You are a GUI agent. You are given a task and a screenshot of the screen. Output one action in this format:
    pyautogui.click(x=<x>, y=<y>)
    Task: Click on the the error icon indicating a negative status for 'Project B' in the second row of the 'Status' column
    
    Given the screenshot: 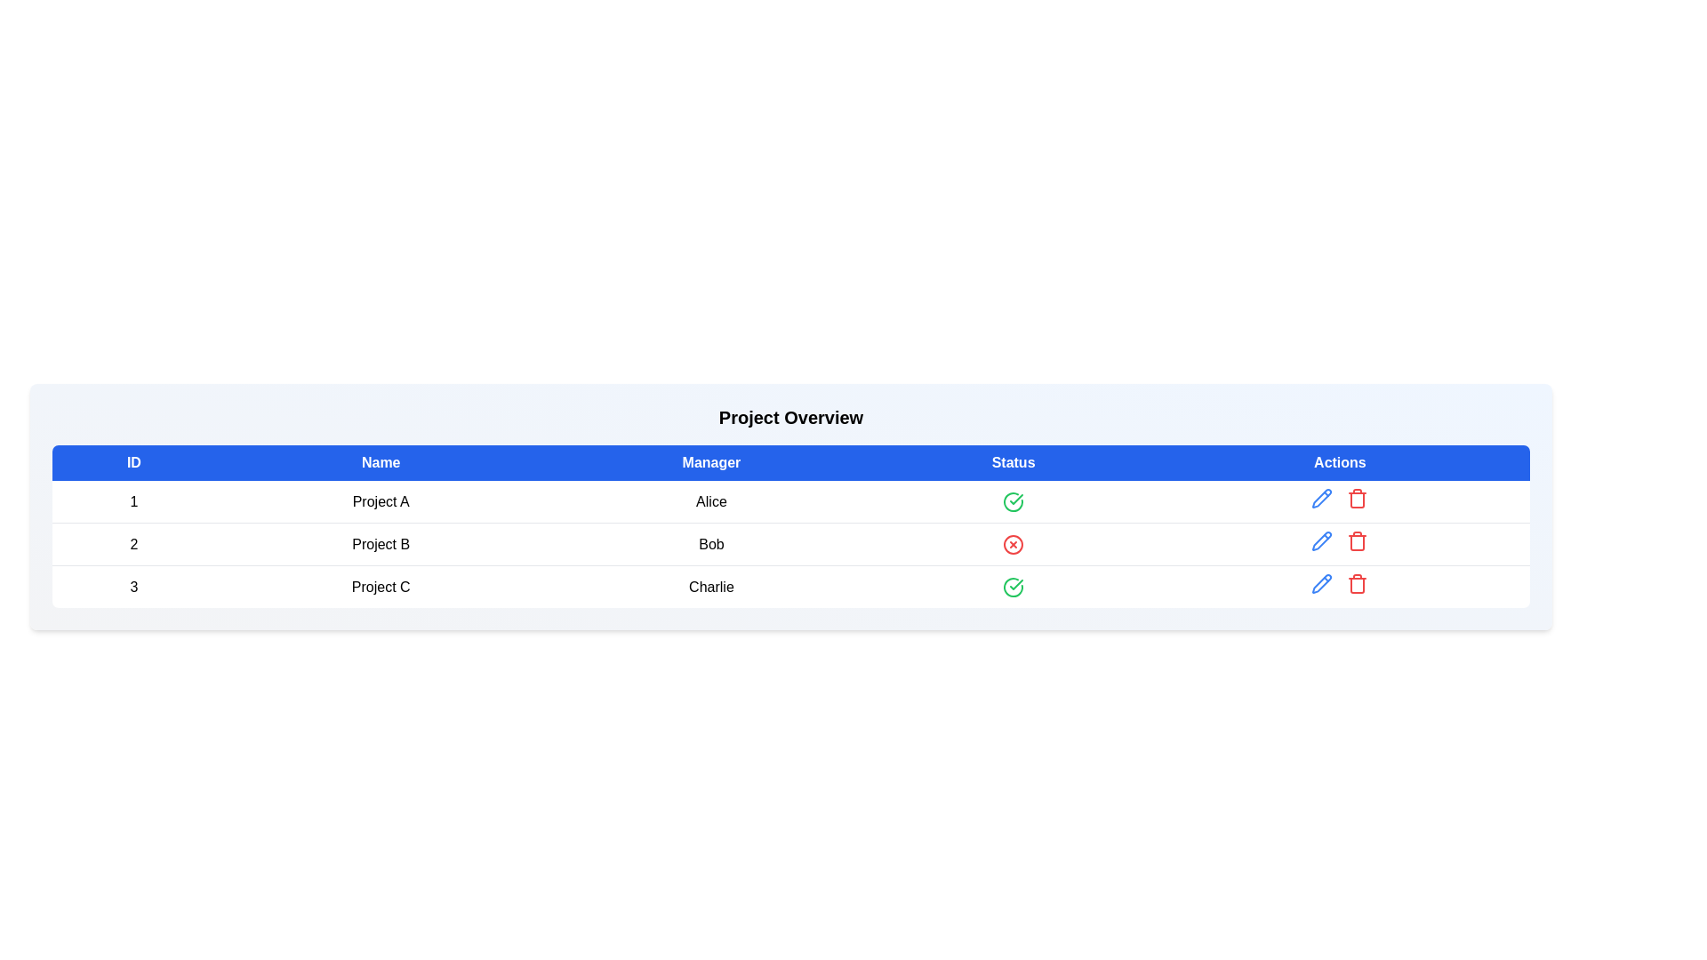 What is the action you would take?
    pyautogui.click(x=1014, y=543)
    